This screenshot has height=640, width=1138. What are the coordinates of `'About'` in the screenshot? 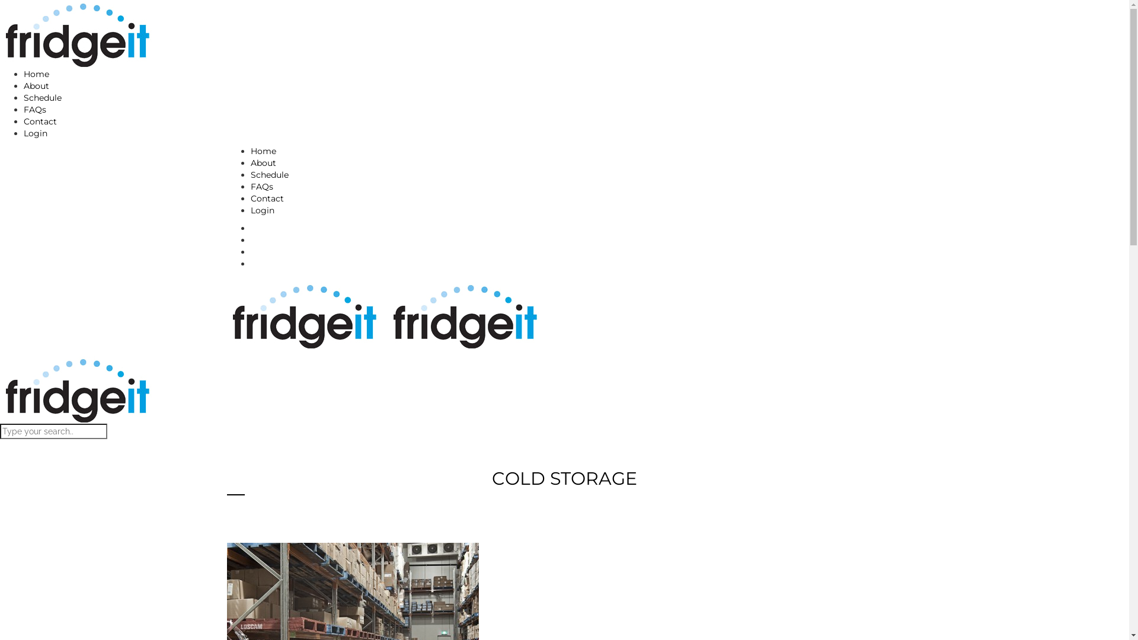 It's located at (36, 85).